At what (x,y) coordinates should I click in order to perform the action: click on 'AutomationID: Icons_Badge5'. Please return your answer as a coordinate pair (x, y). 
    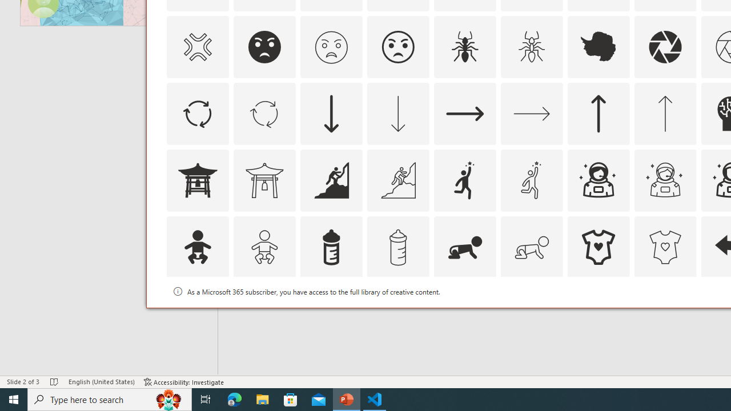
    Looking at the image, I should click on (665, 314).